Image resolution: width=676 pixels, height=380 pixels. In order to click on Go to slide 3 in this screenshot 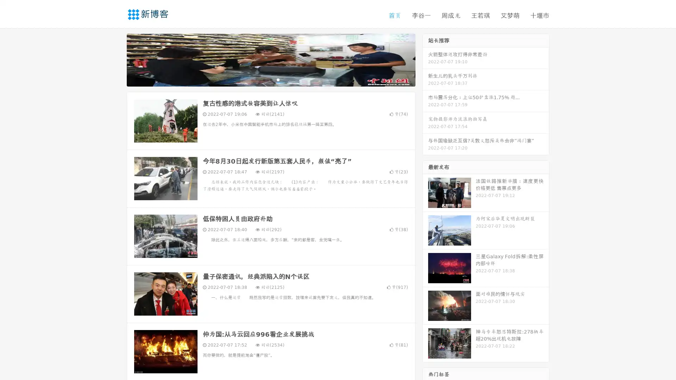, I will do `click(278, 79)`.